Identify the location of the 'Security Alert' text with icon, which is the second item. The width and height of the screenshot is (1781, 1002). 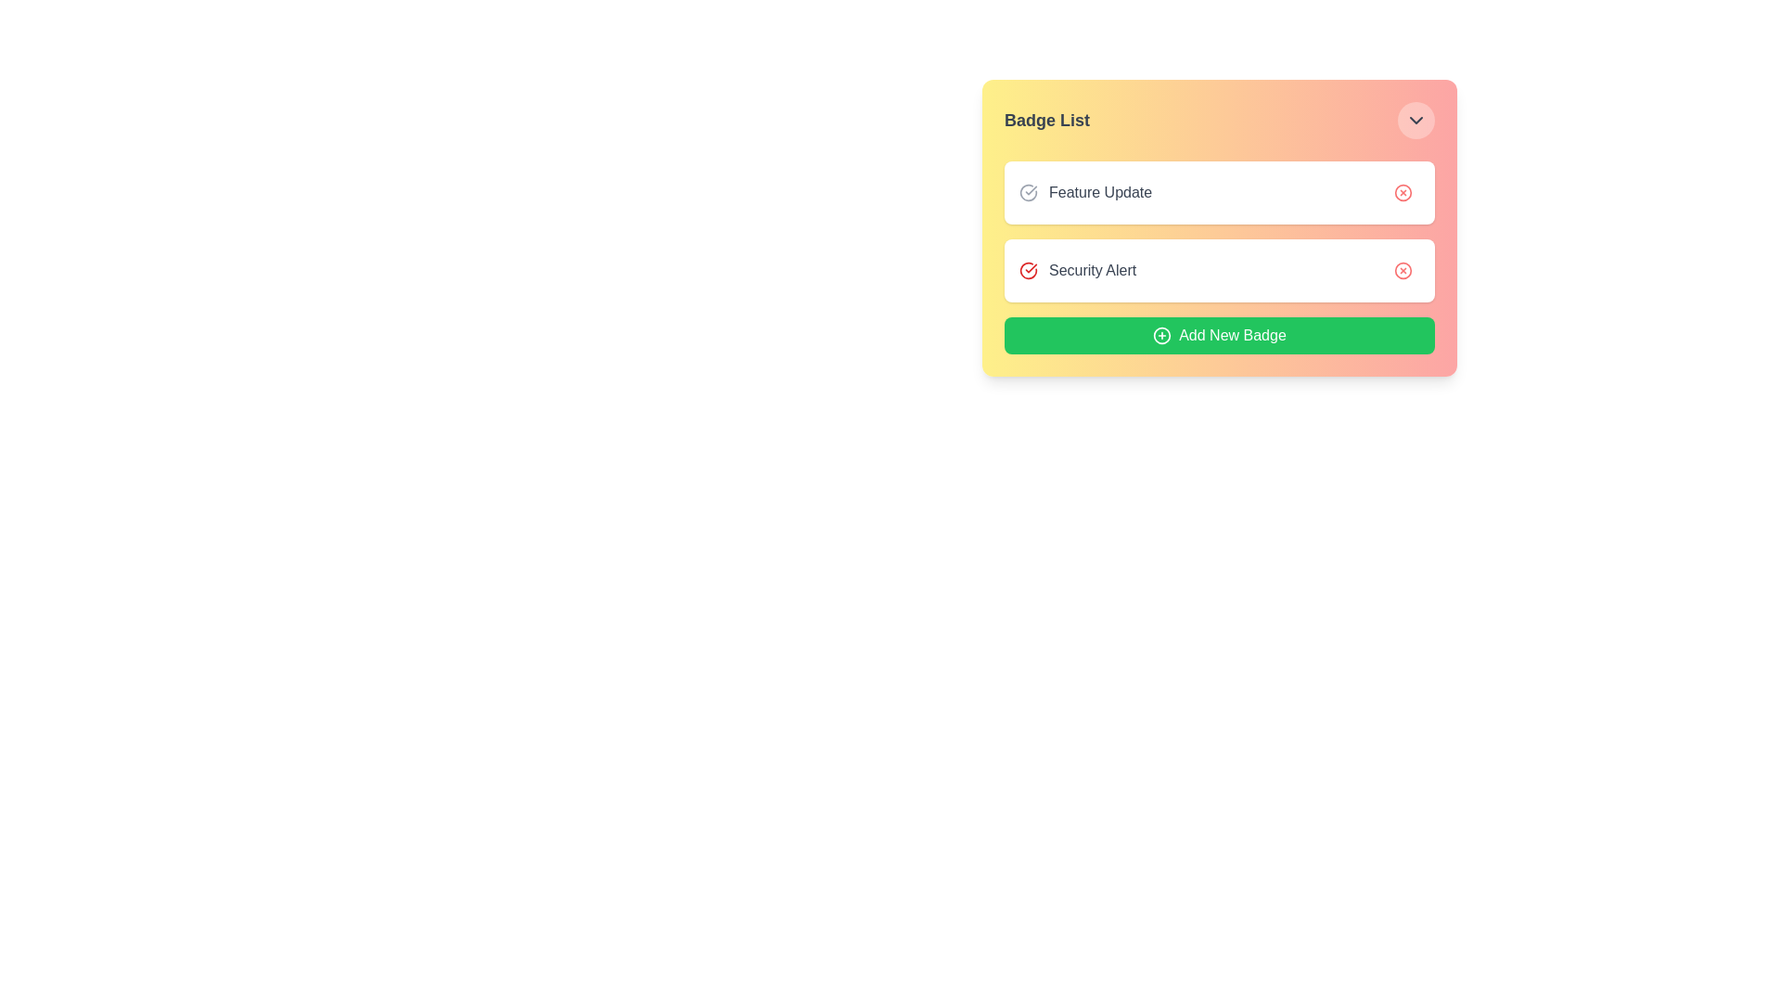
(1078, 271).